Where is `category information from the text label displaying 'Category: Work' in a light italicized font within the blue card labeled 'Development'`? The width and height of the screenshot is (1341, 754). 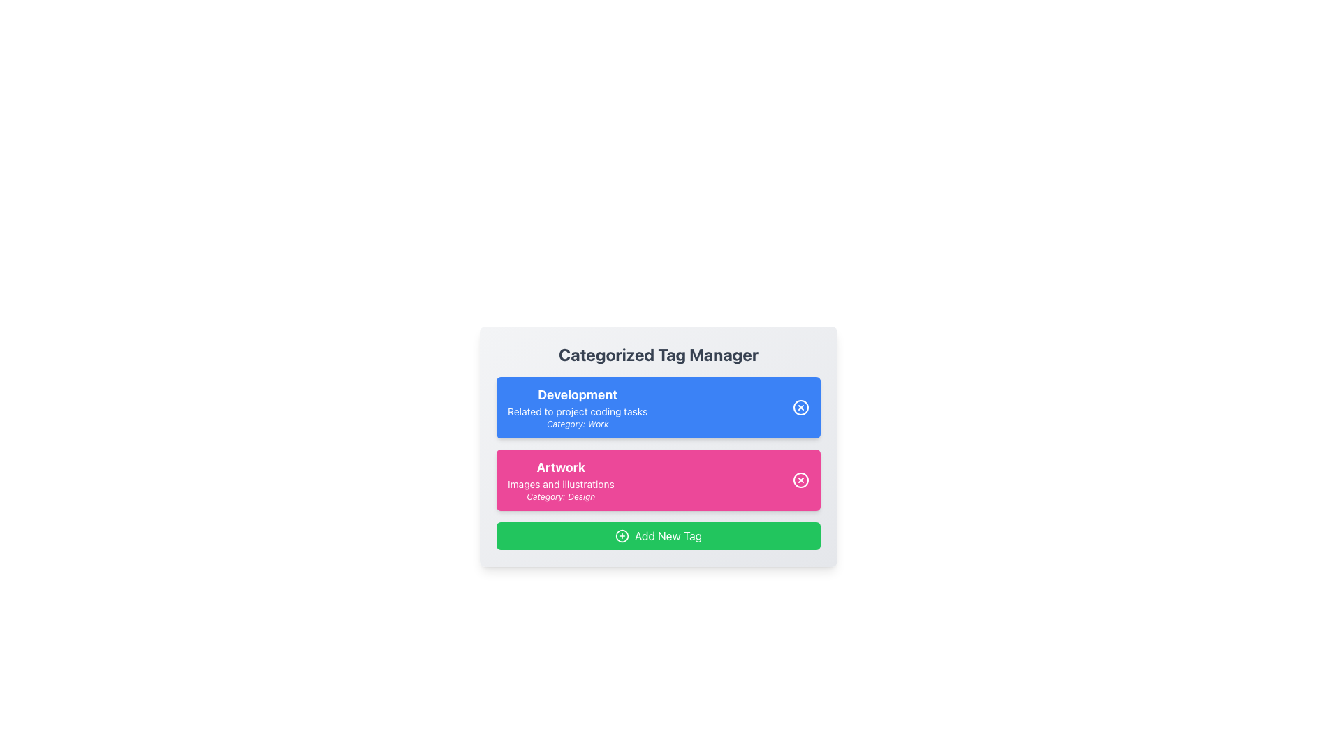
category information from the text label displaying 'Category: Work' in a light italicized font within the blue card labeled 'Development' is located at coordinates (578, 424).